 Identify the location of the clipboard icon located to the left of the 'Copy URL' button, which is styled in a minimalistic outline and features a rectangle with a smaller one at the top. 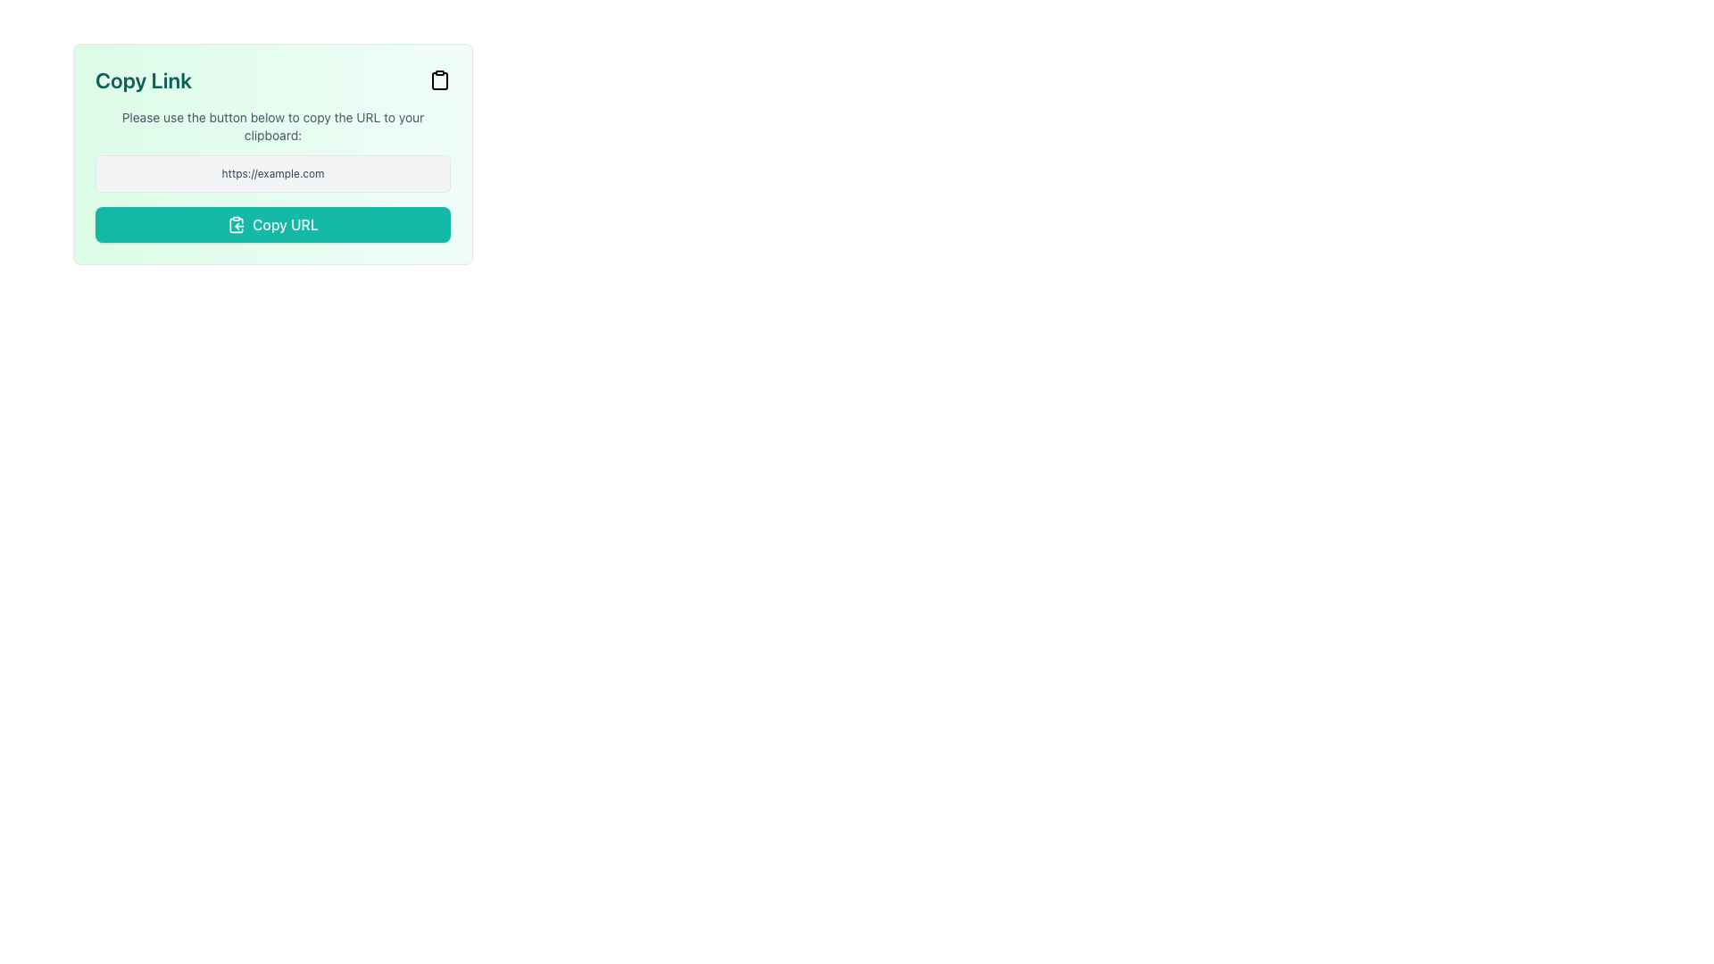
(236, 223).